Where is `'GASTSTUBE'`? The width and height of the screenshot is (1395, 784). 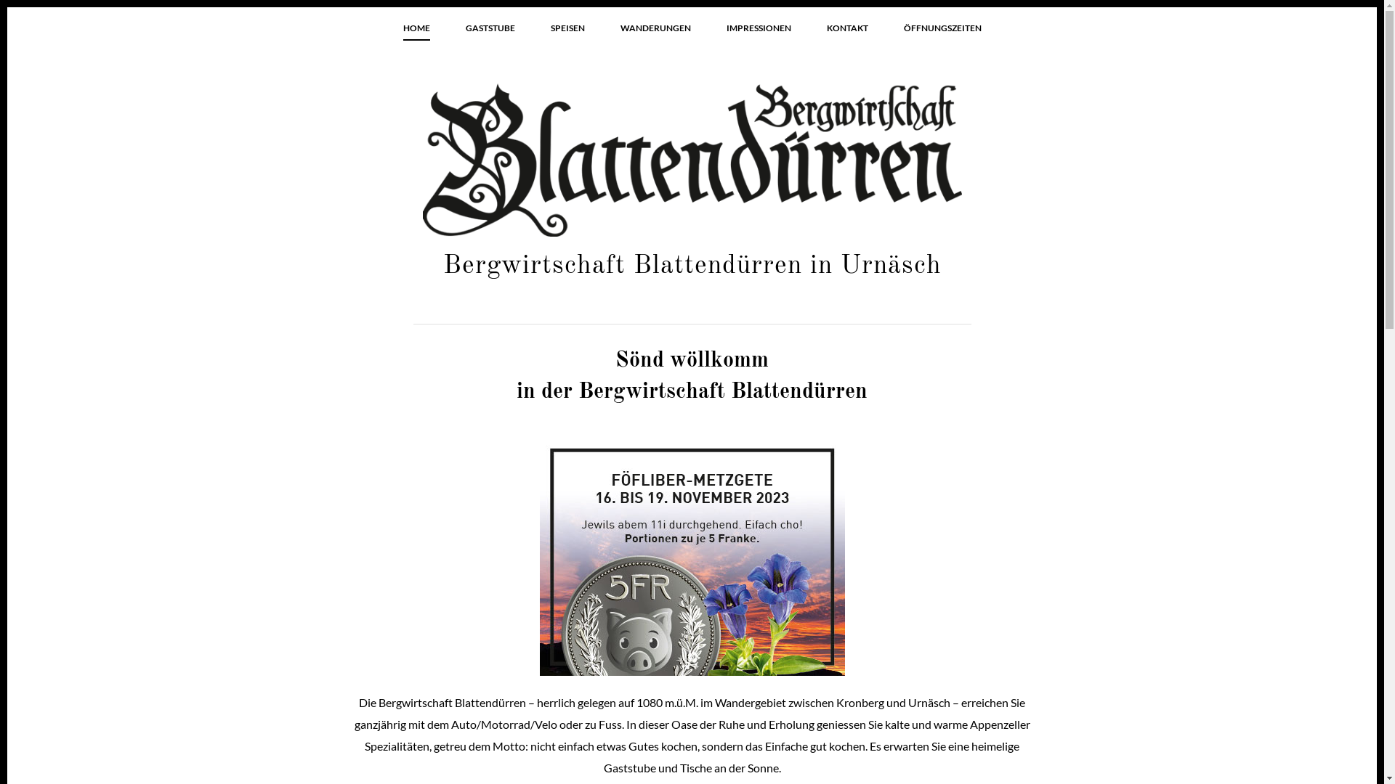 'GASTSTUBE' is located at coordinates (490, 28).